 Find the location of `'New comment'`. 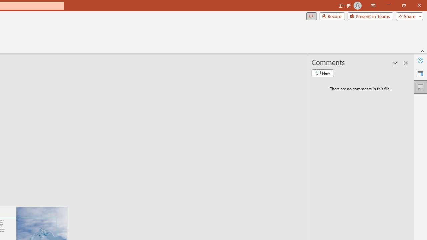

'New comment' is located at coordinates (323, 73).